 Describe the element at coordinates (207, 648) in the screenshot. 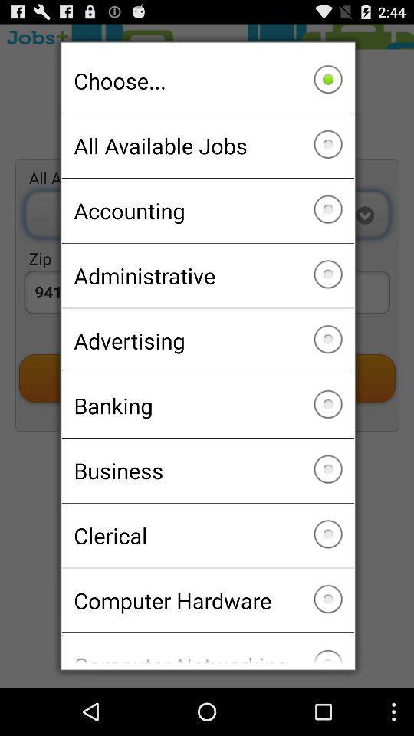

I see `the computer networking` at that location.